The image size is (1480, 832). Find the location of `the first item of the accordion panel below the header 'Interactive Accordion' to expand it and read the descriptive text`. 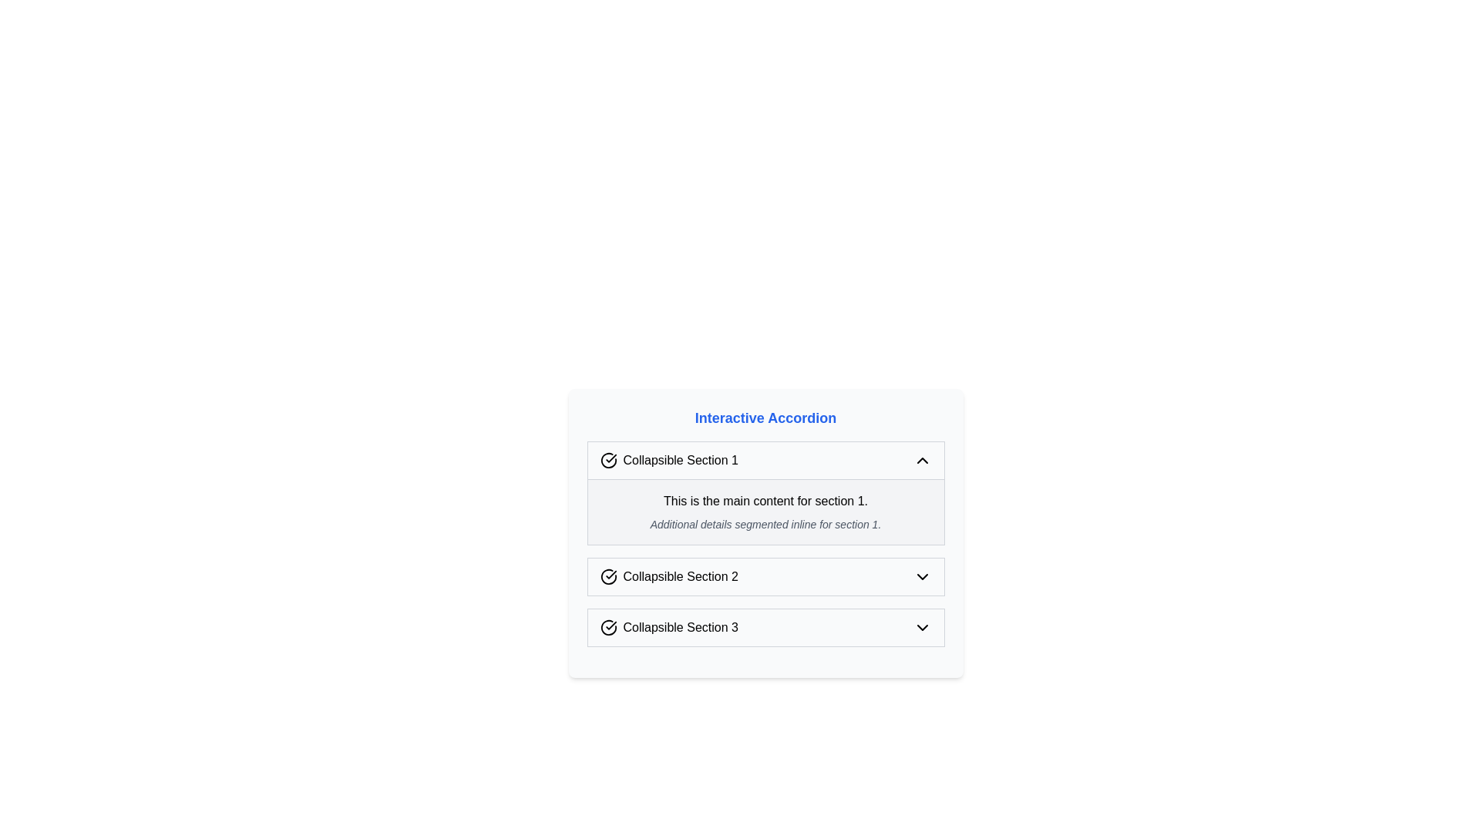

the first item of the accordion panel below the header 'Interactive Accordion' to expand it and read the descriptive text is located at coordinates (765, 493).